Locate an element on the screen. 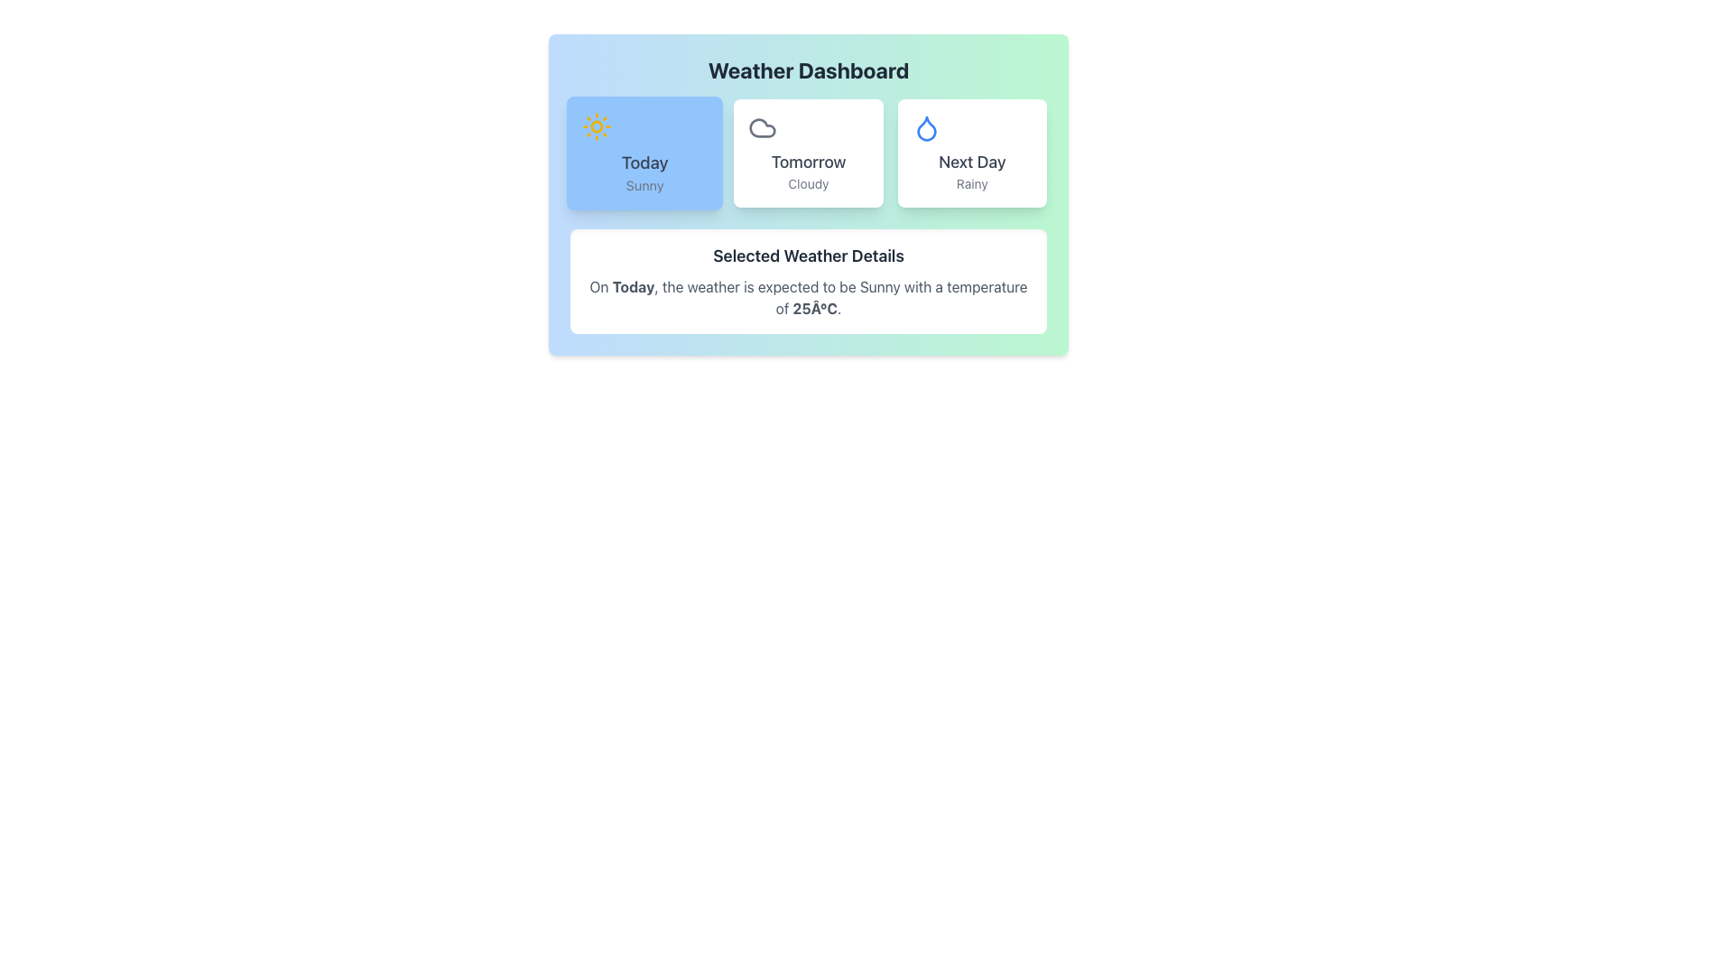 The width and height of the screenshot is (1733, 975). 'Cloudy' text label located at the bottom of the middle card, directly below the 'Tomorrow' text, to read the expected weather condition for tomorrow is located at coordinates (808, 184).